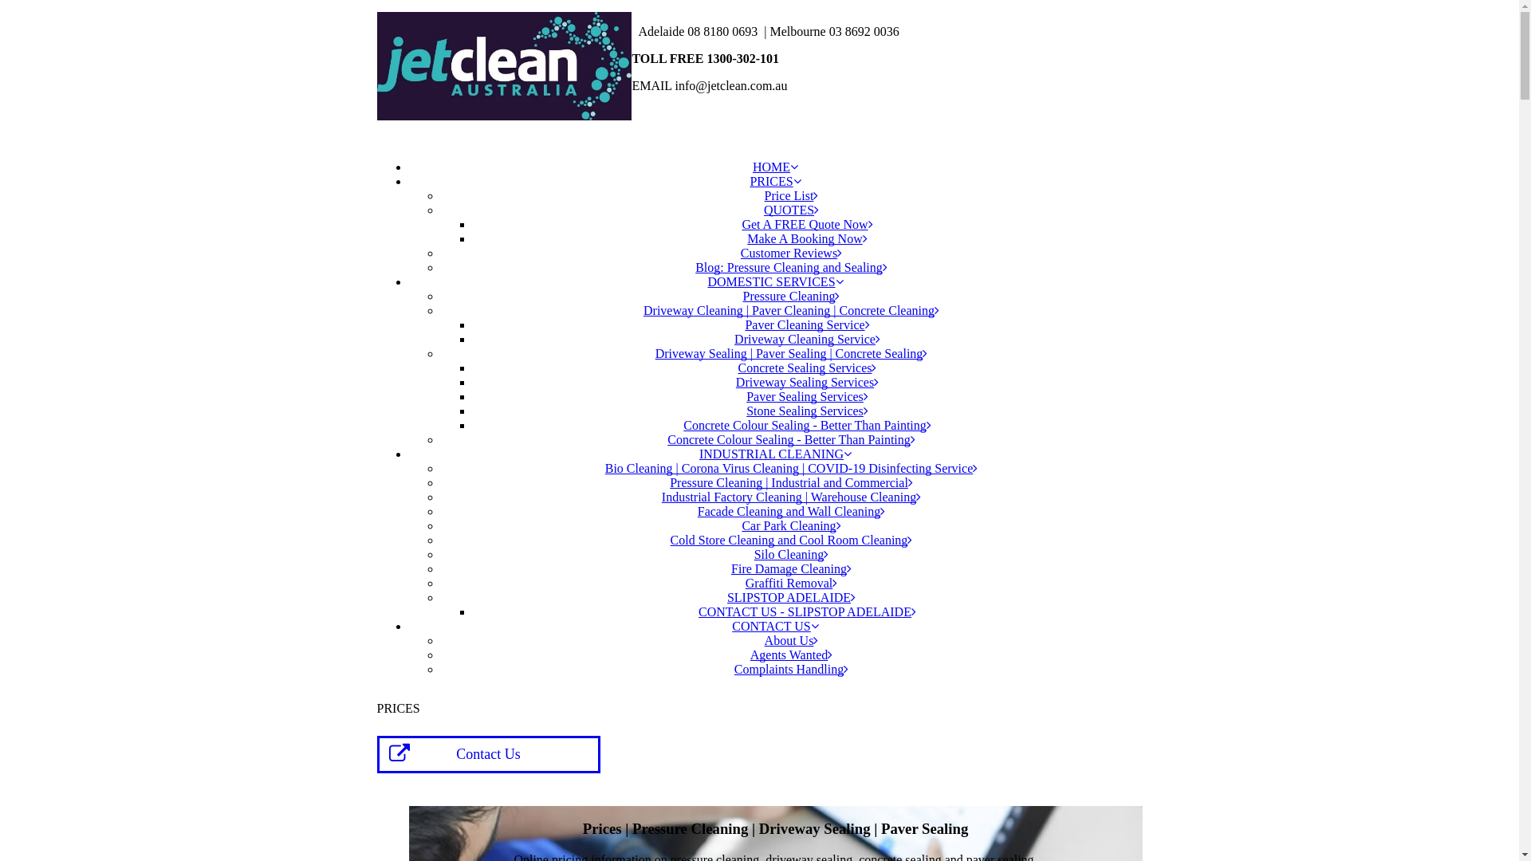  I want to click on 'Facade Cleaning and Wall Cleaning', so click(791, 511).